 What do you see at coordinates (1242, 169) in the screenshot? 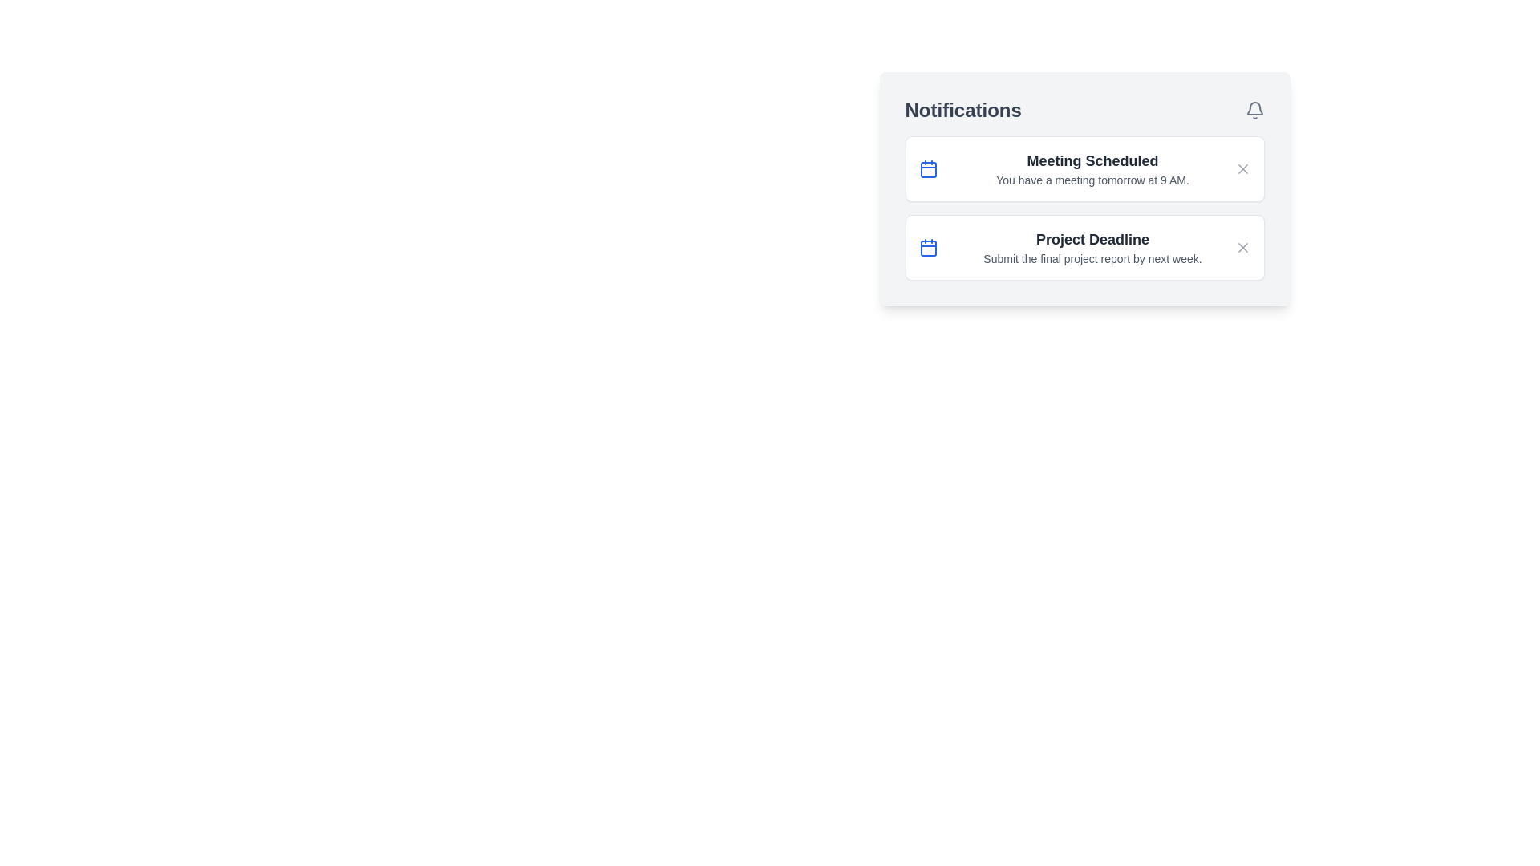
I see `close button for the notification titled 'Meeting Scheduled'` at bounding box center [1242, 169].